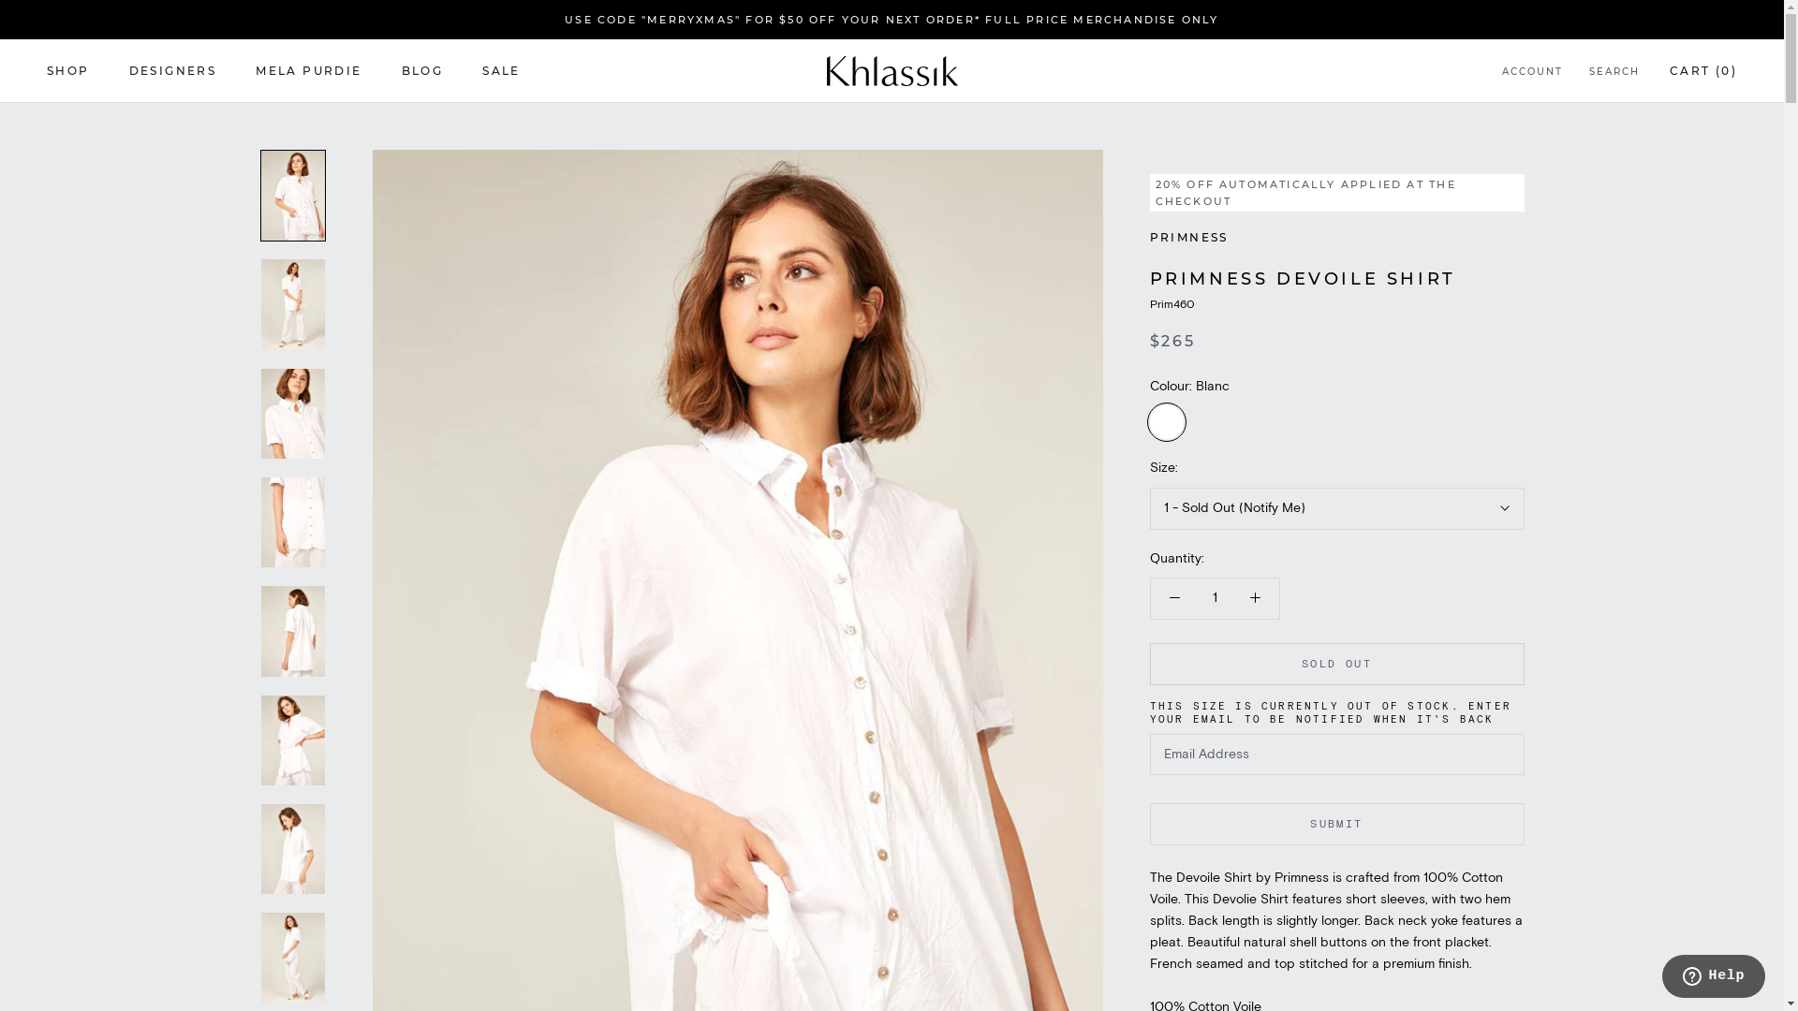  Describe the element at coordinates (1188, 236) in the screenshot. I see `'PRIMNESS'` at that location.